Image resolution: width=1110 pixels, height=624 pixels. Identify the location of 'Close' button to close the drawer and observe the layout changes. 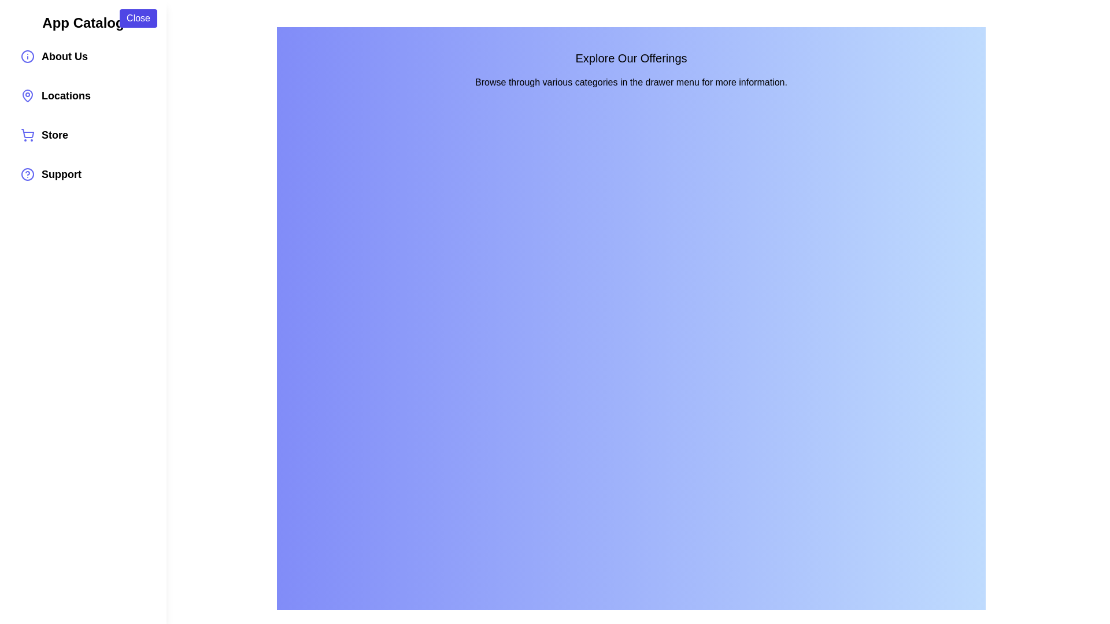
(138, 18).